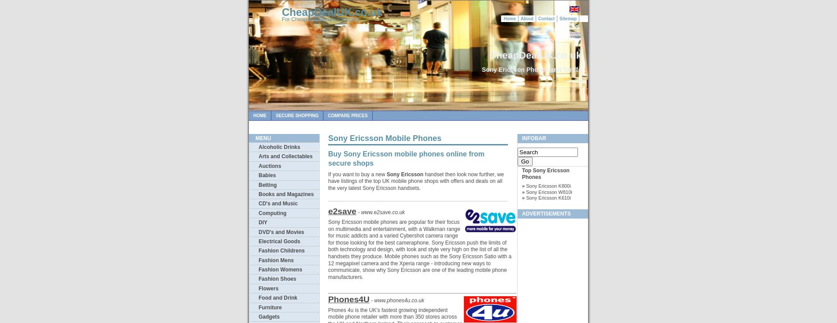 The height and width of the screenshot is (323, 837). Describe the element at coordinates (396, 300) in the screenshot. I see `'- www.phones4u.co.uk'` at that location.